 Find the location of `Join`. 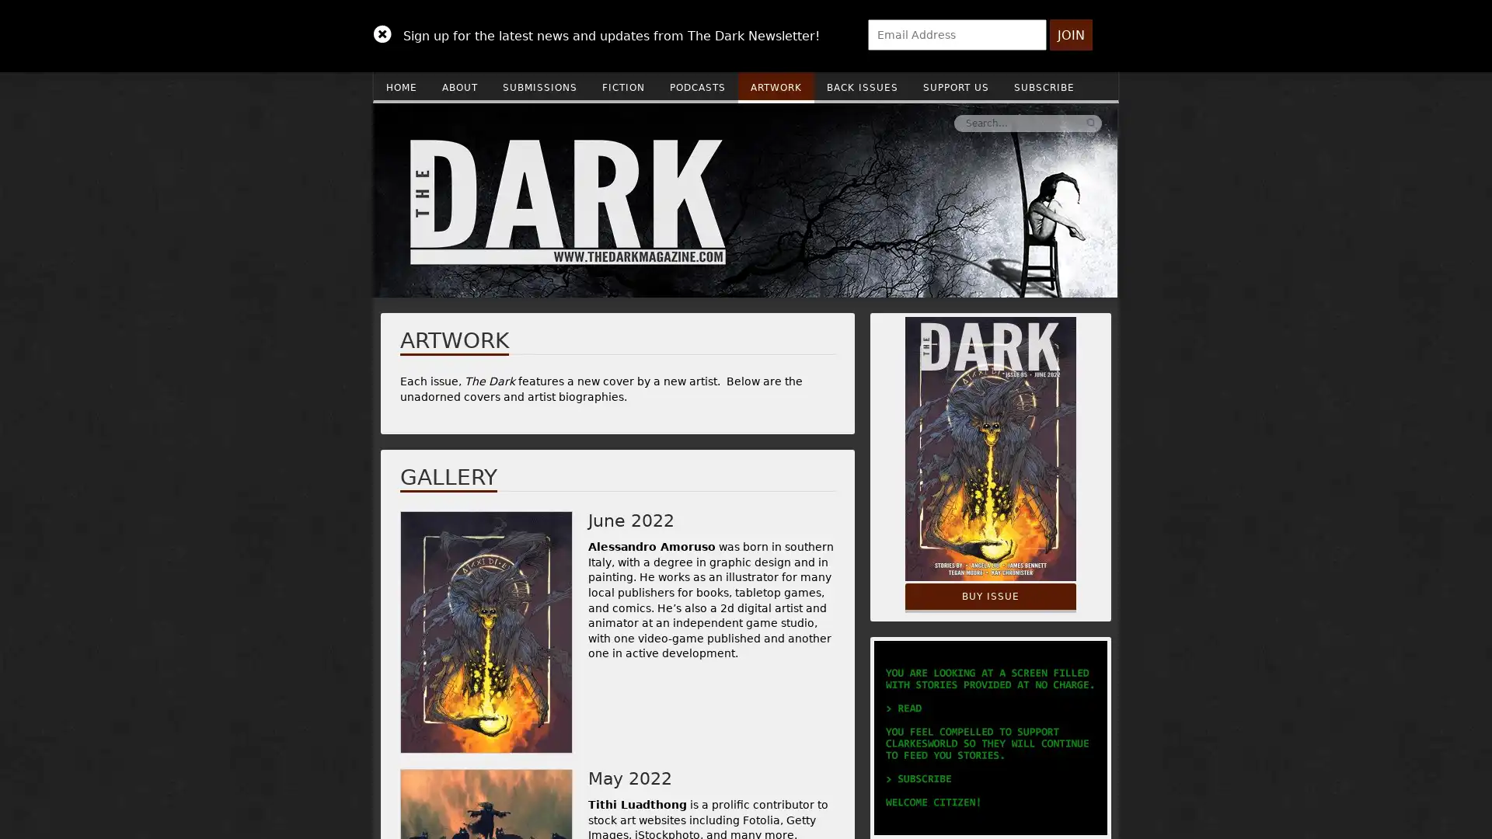

Join is located at coordinates (1070, 35).